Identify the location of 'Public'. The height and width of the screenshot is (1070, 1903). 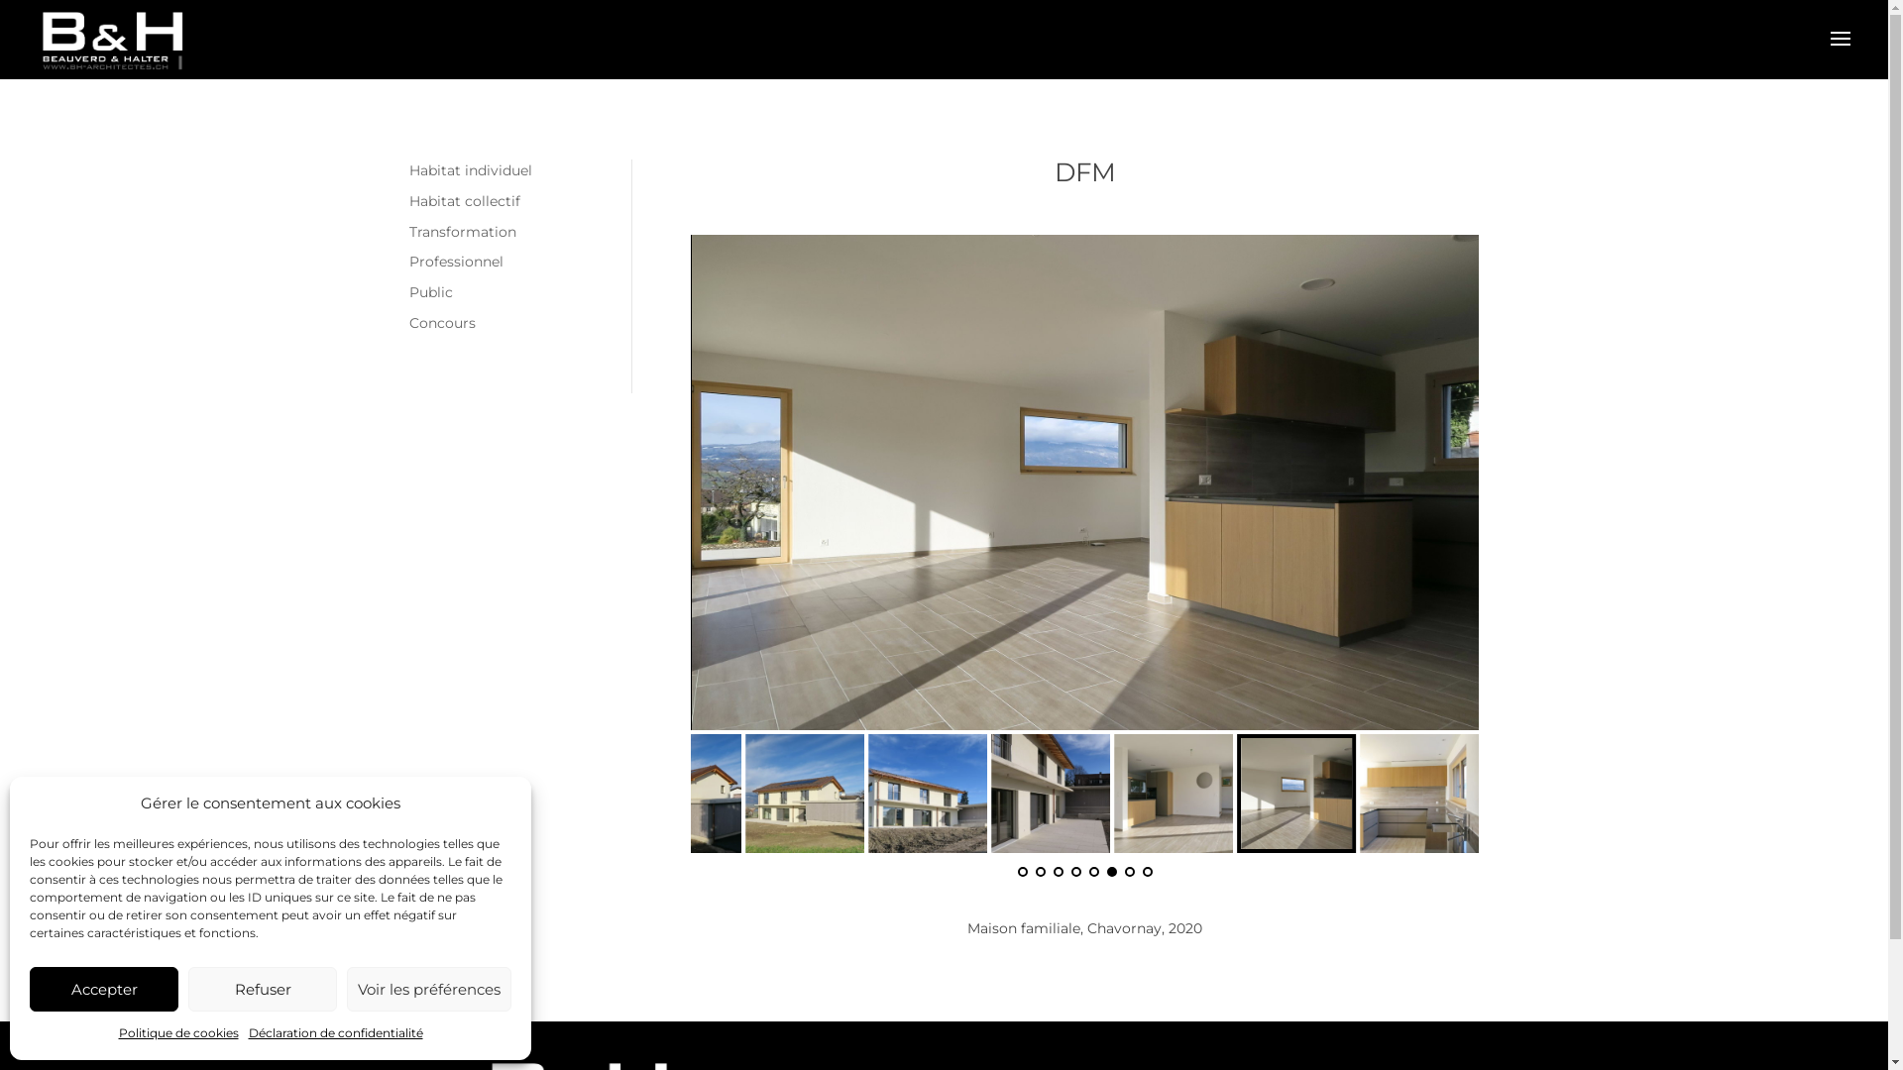
(428, 291).